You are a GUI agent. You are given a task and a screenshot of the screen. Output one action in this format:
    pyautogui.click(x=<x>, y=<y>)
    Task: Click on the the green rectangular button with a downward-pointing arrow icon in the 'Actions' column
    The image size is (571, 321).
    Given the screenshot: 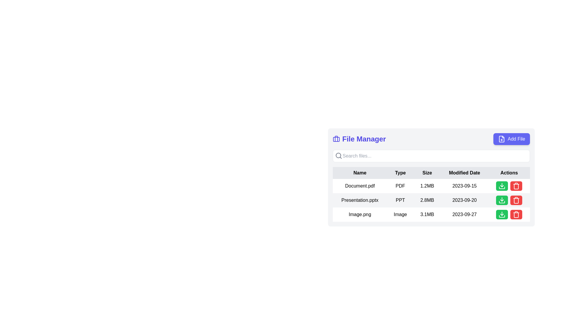 What is the action you would take?
    pyautogui.click(x=502, y=214)
    